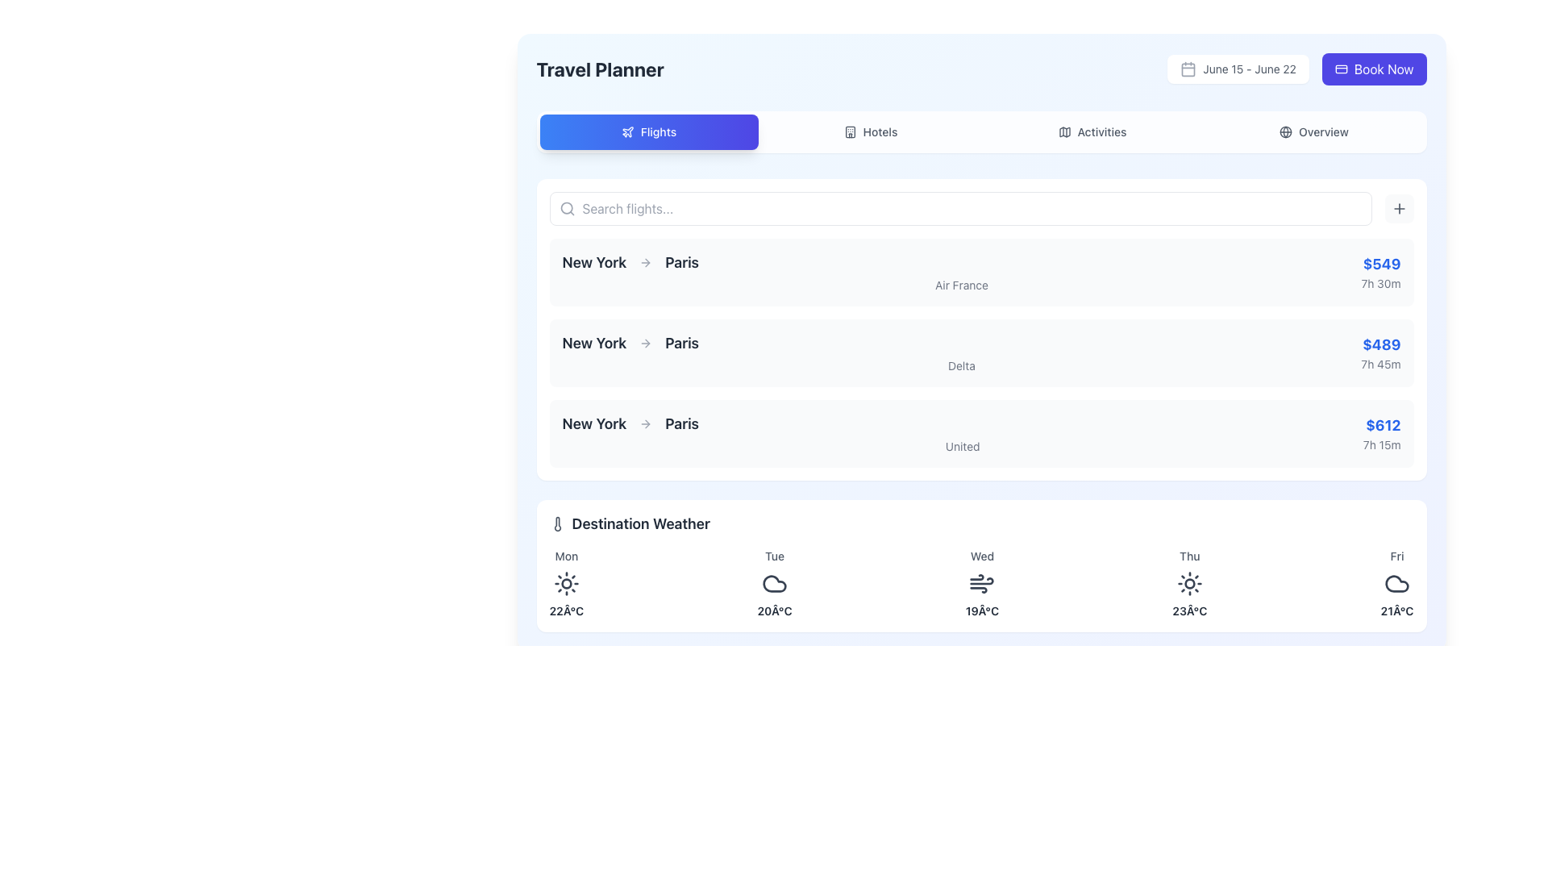 The width and height of the screenshot is (1548, 871). I want to click on the windy weather icon for the day labeled 'Wed', so click(981, 584).